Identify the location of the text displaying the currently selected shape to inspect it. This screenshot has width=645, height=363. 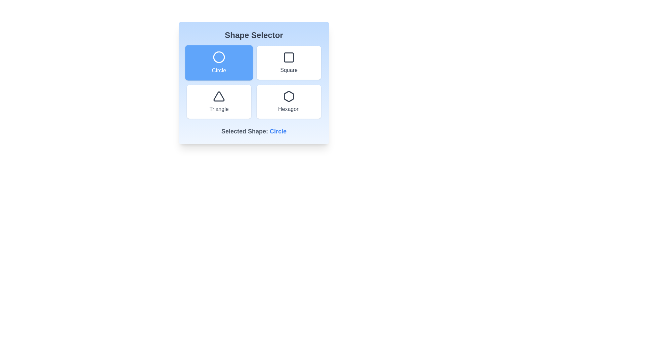
(278, 131).